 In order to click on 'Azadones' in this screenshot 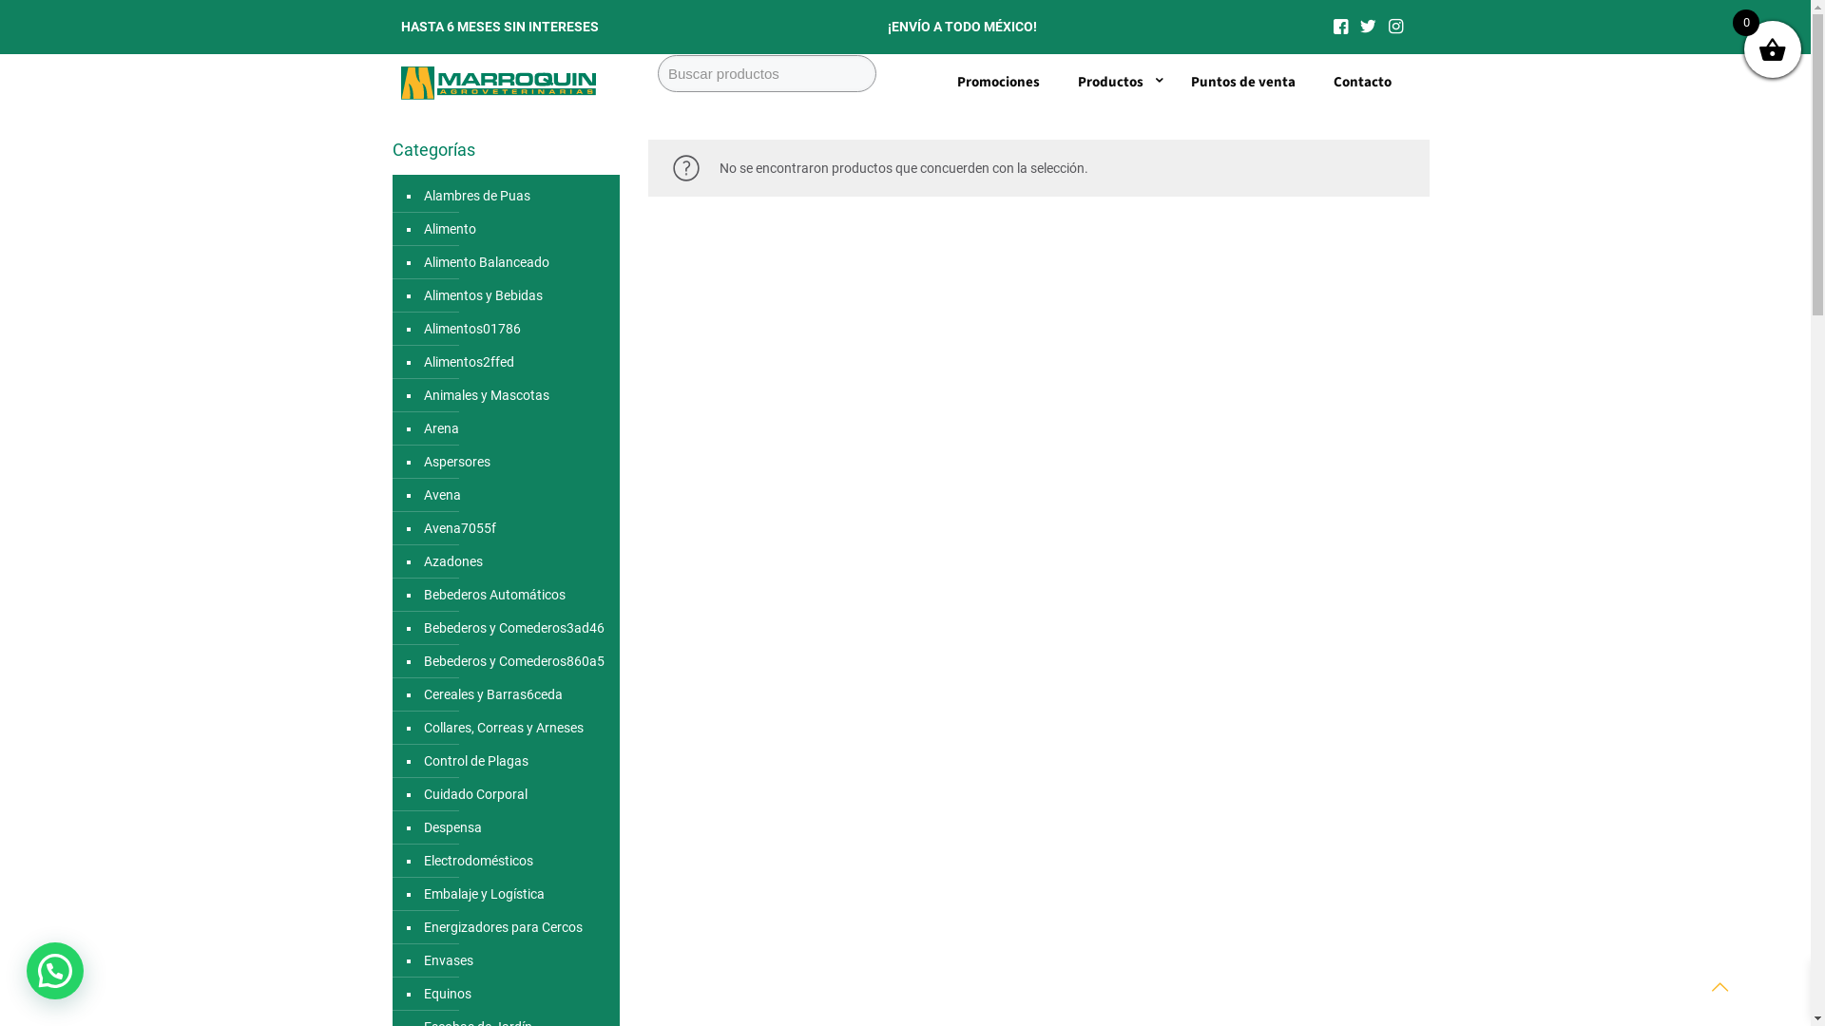, I will do `click(418, 560)`.